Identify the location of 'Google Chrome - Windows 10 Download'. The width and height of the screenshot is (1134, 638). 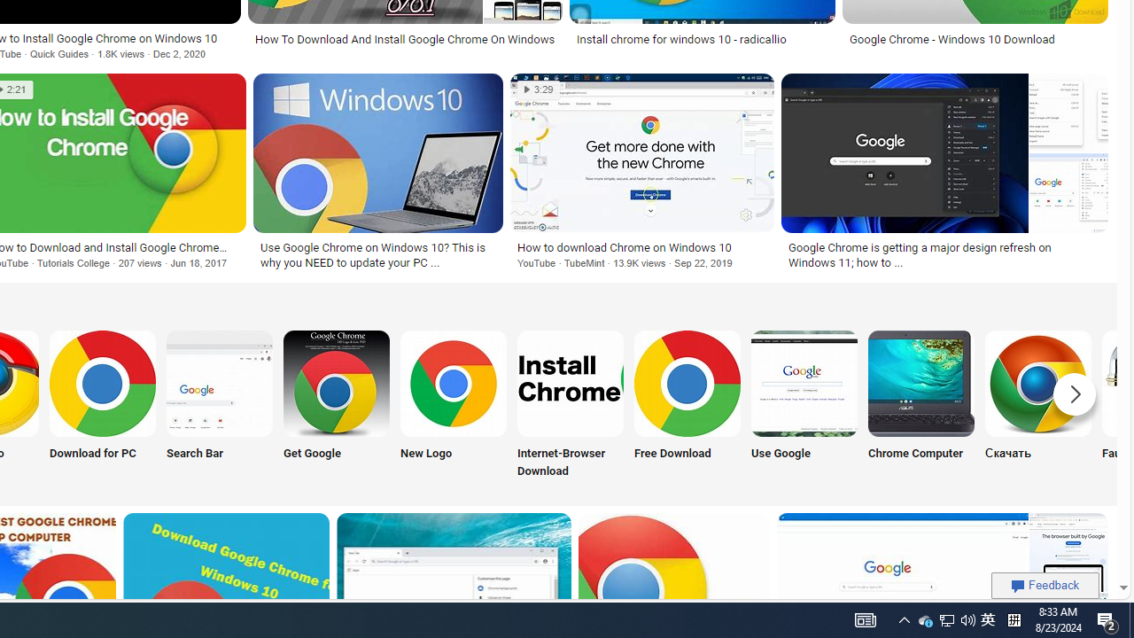
(951, 39).